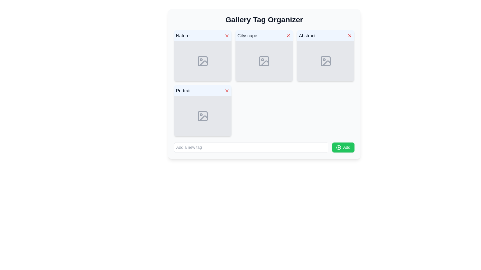 The image size is (481, 270). Describe the element at coordinates (307, 35) in the screenshot. I see `text label stating 'Abstract' located in the top-right corner of the third gallery module, which is styled in a medium-sized, bold font against a light blue background` at that location.